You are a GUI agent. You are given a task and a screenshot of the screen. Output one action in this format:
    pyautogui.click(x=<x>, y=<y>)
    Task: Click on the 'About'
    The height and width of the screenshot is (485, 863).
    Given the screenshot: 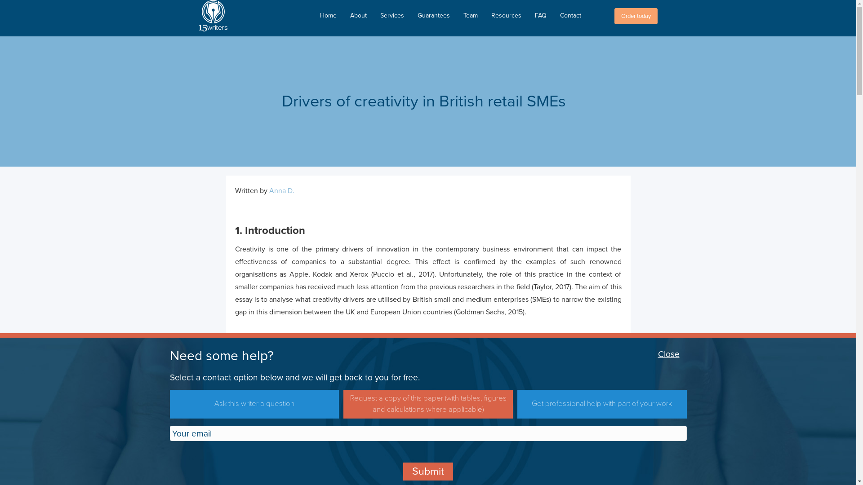 What is the action you would take?
    pyautogui.click(x=358, y=15)
    